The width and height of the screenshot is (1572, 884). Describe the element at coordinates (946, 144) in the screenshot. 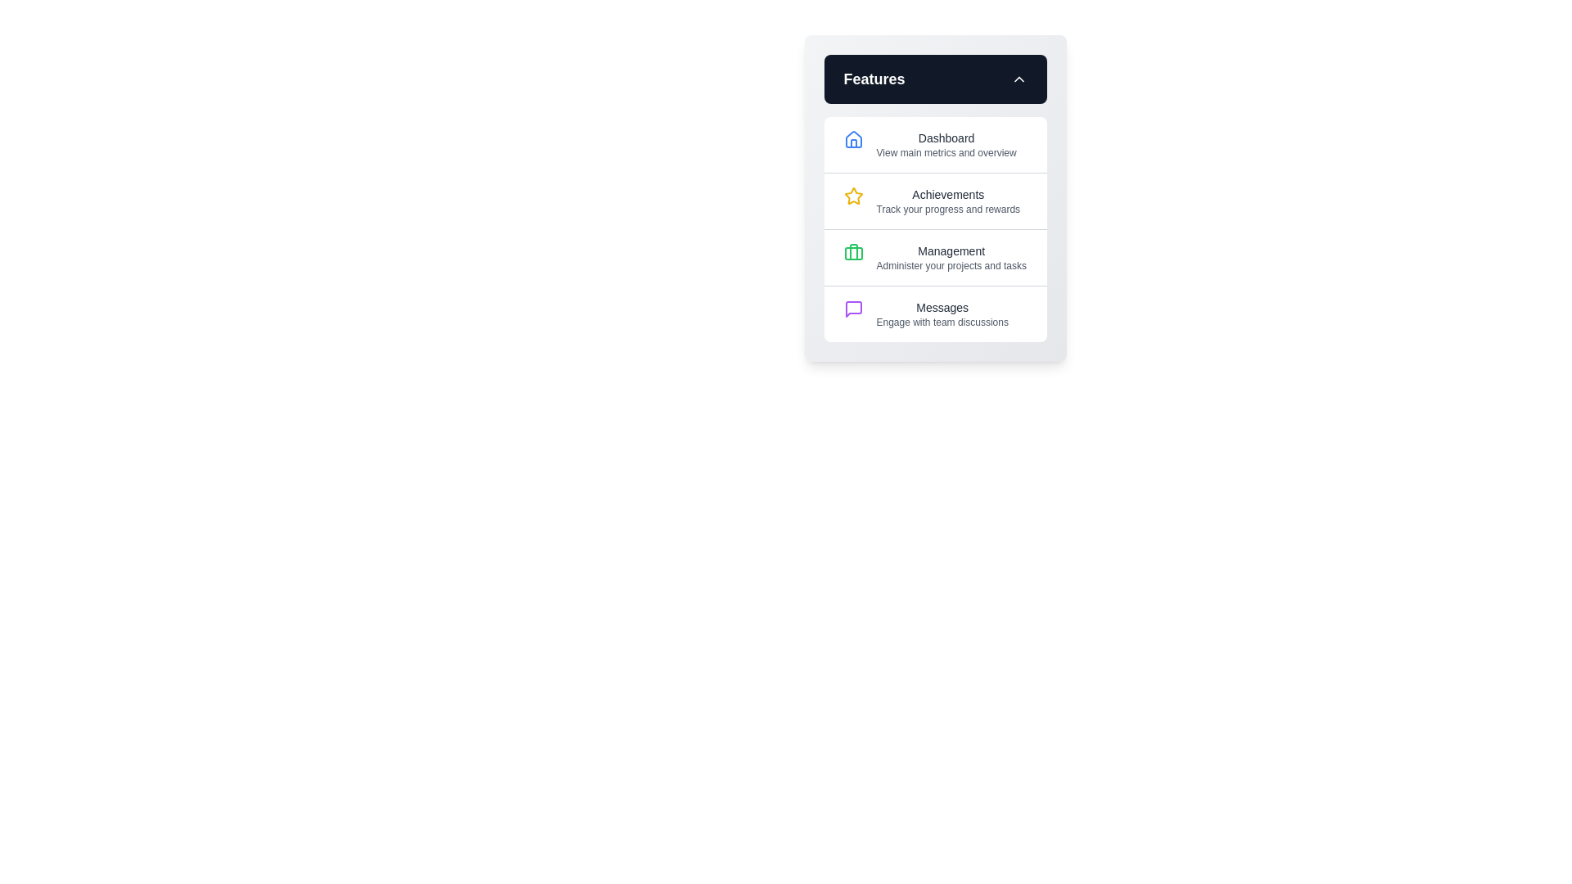

I see `the 'Dashboard' text label, which is located below the house icon in the feature menu's vertical list` at that location.